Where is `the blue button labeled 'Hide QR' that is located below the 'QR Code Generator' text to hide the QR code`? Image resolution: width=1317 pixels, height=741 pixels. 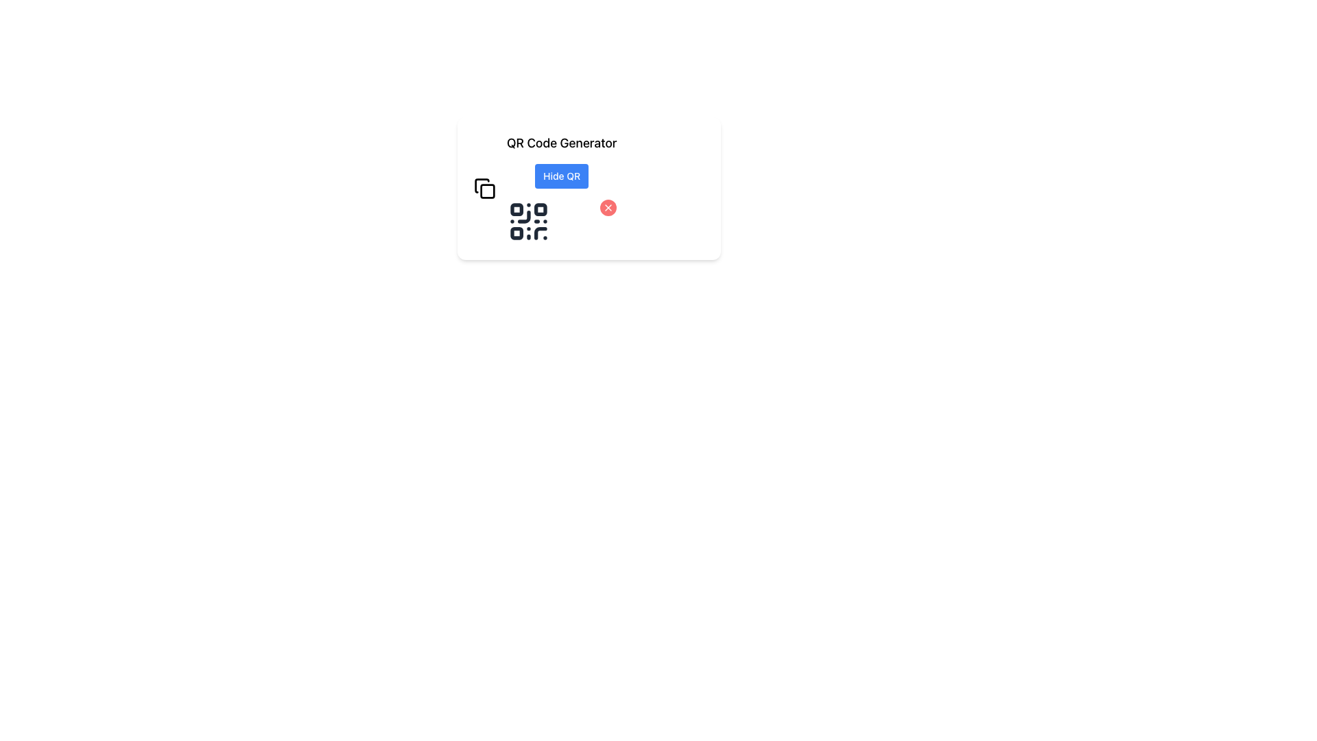
the blue button labeled 'Hide QR' that is located below the 'QR Code Generator' text to hide the QR code is located at coordinates (562, 188).